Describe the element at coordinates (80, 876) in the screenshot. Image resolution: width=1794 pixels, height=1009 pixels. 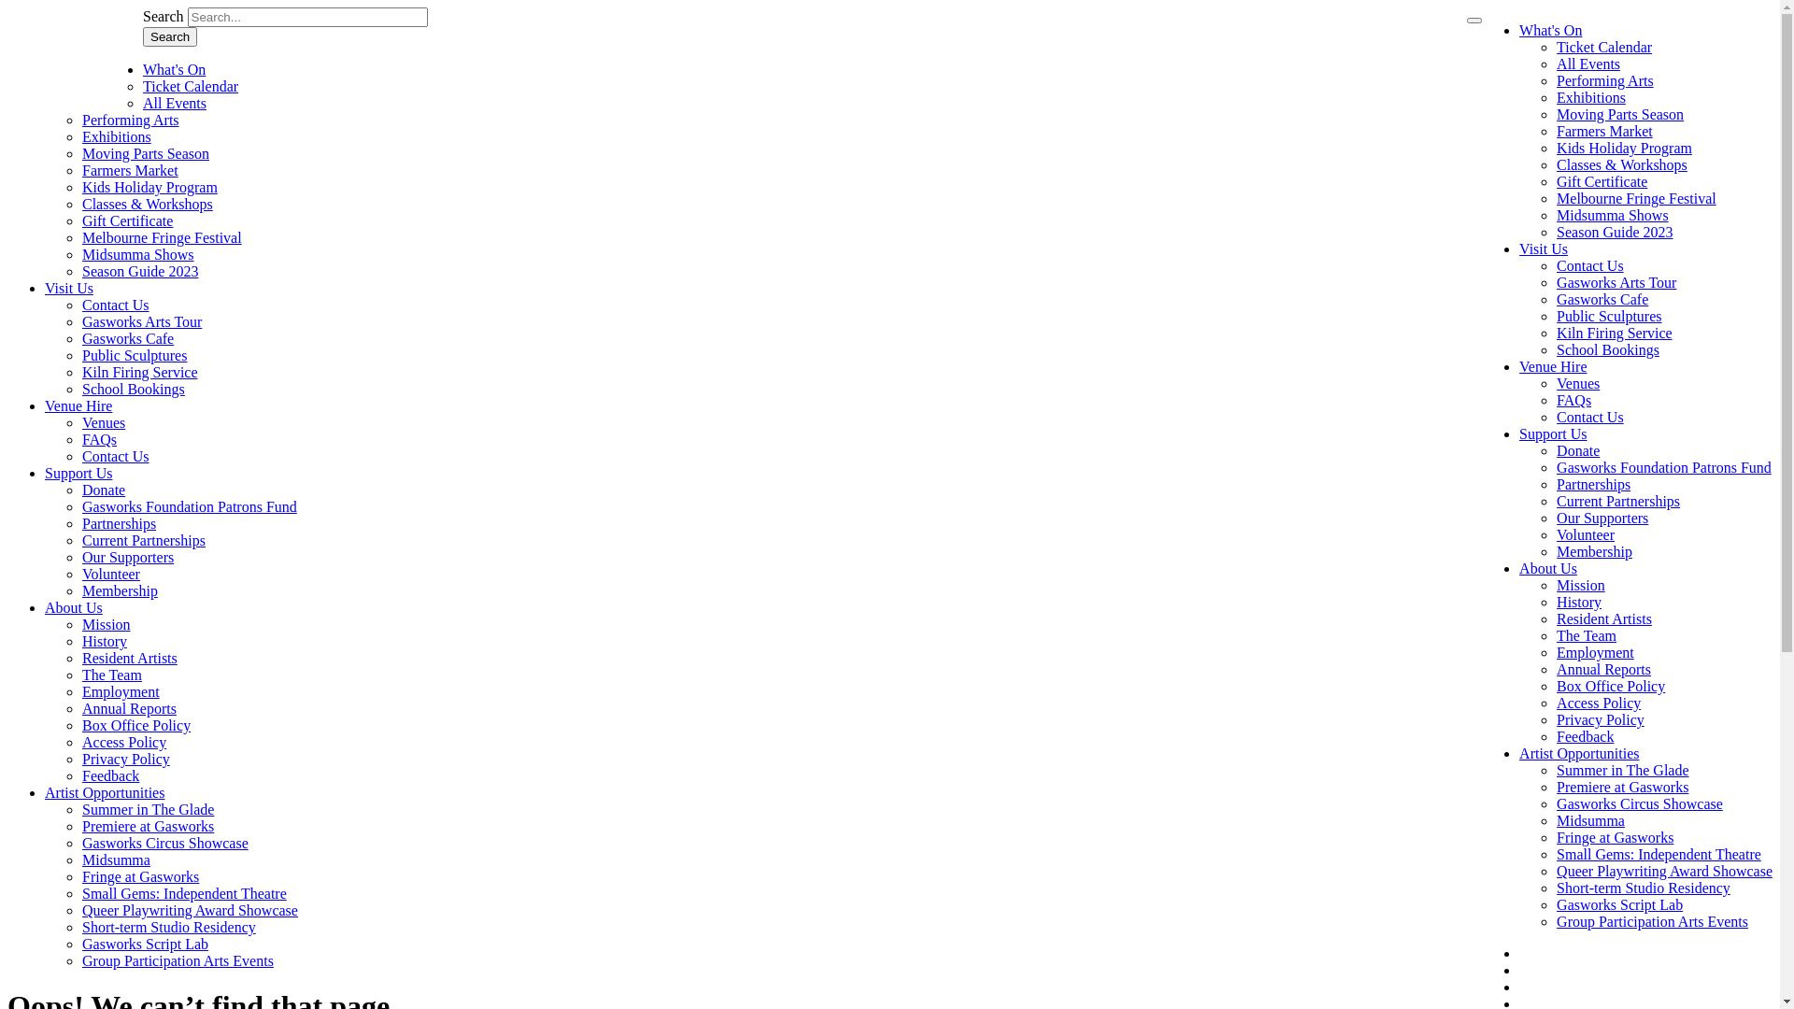
I see `'Fringe at Gasworks'` at that location.